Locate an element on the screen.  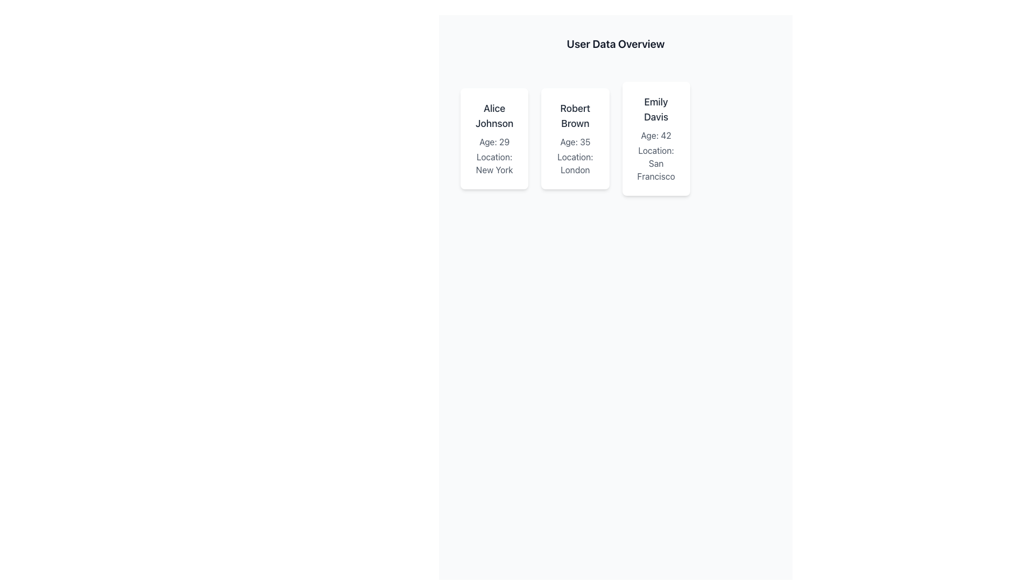
the text label displaying 'Location: London', which is styled in gray and positioned under 'Age: 35' and 'Robert Brown' in the middle card of a three-column layout is located at coordinates (575, 164).